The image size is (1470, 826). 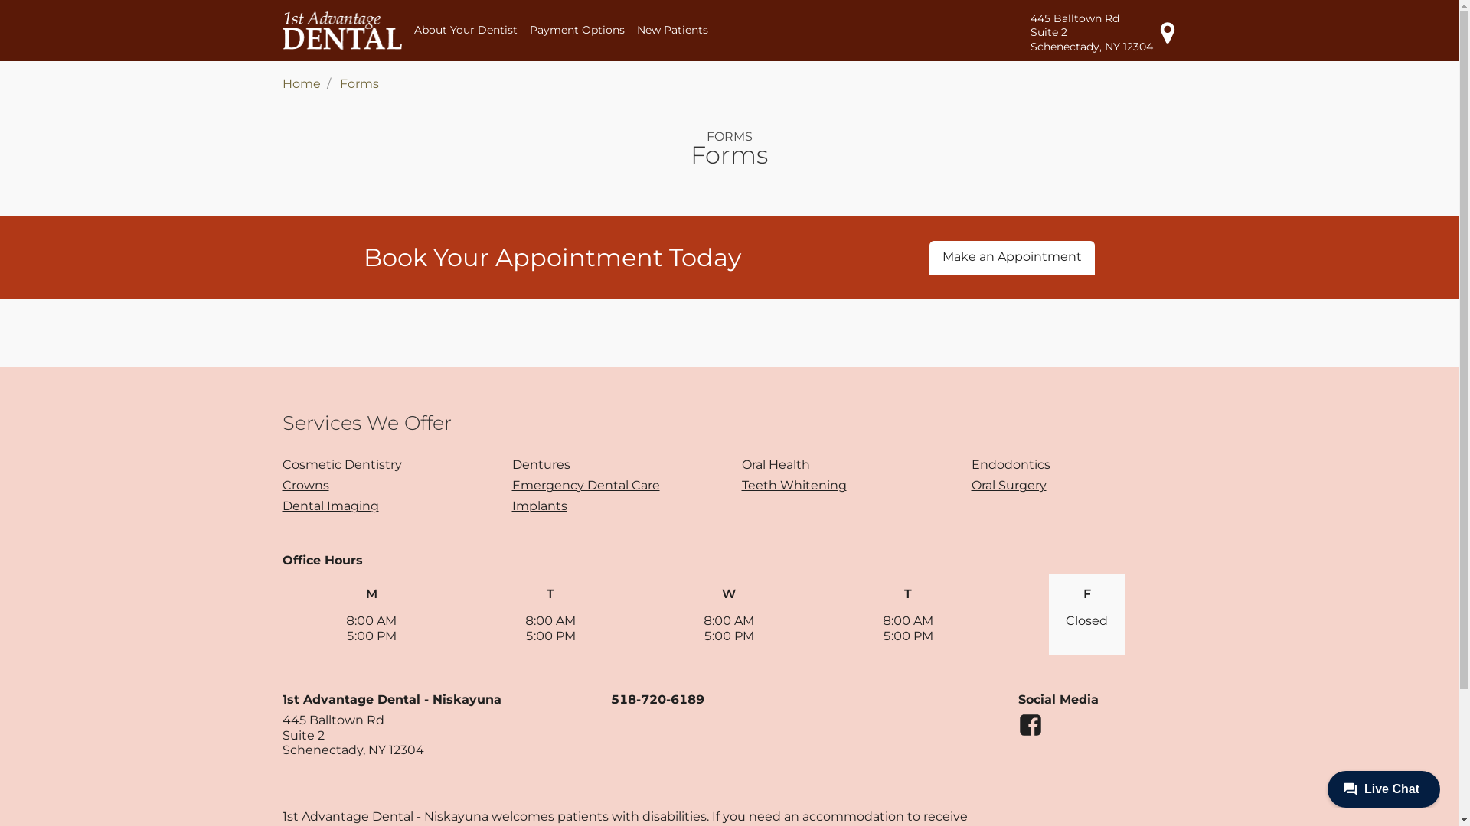 I want to click on 'Forms', so click(x=339, y=83).